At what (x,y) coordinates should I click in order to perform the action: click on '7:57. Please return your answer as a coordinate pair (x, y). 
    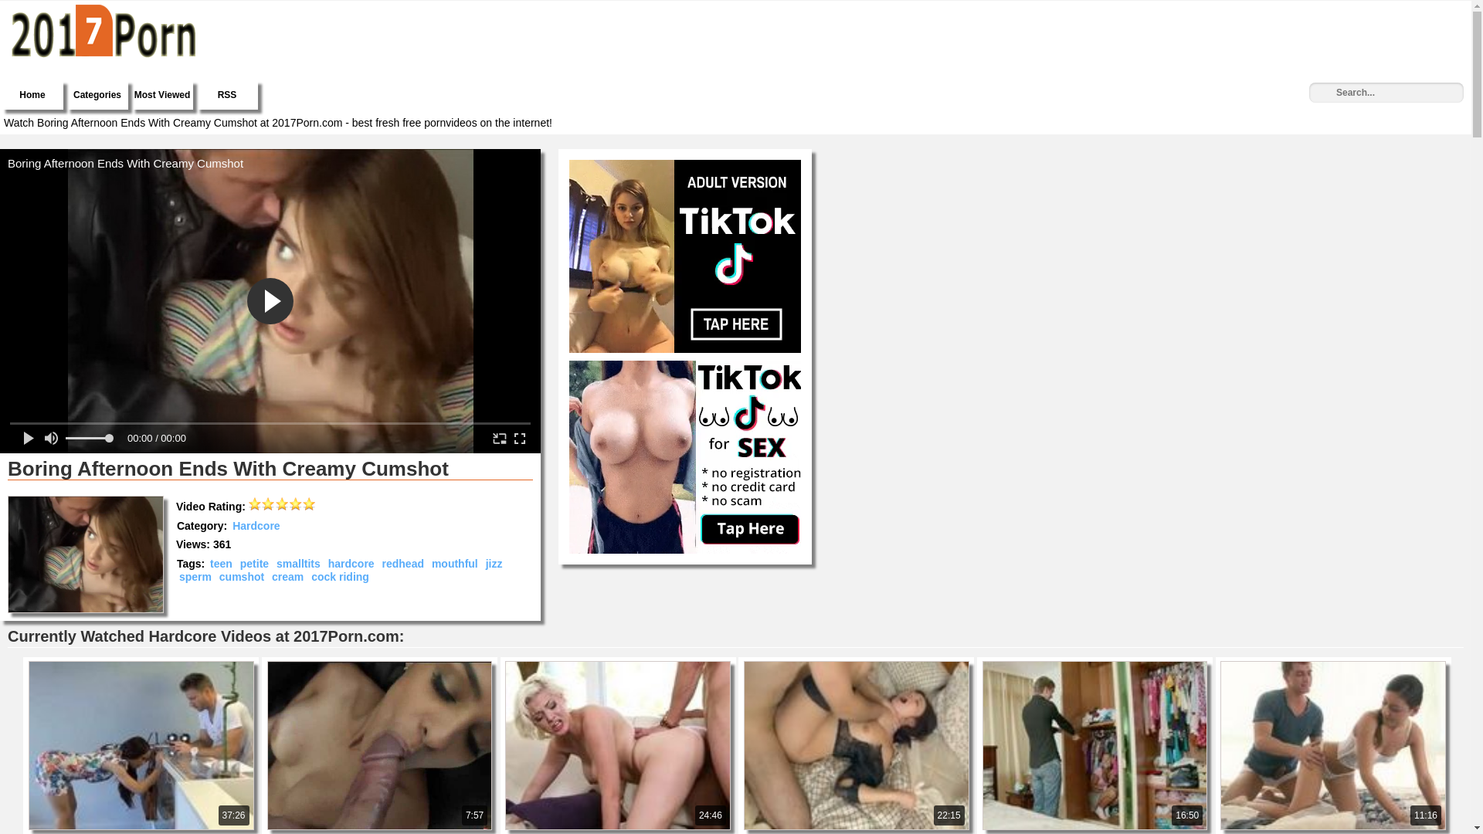
    Looking at the image, I should click on (381, 663).